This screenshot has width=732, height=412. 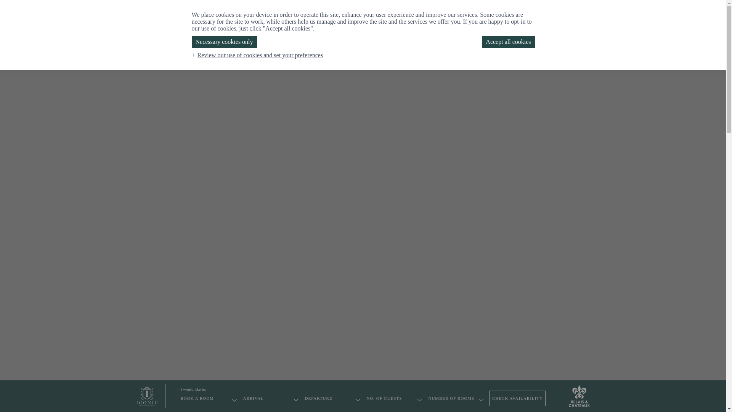 What do you see at coordinates (293, 55) in the screenshot?
I see `'TOWNHOUSE'` at bounding box center [293, 55].